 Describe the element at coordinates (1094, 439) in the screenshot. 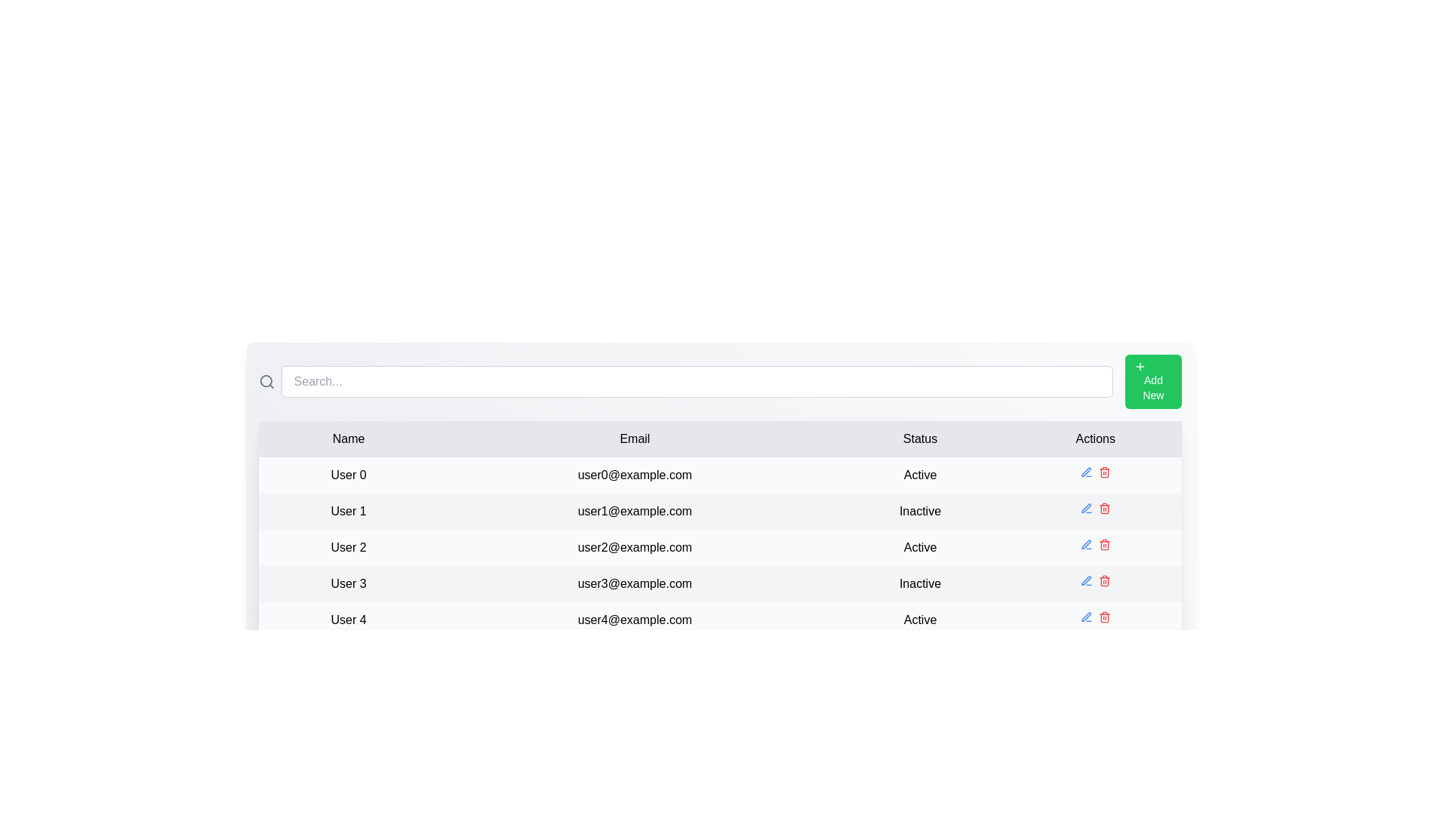

I see `the column header Actions to inspect it` at that location.